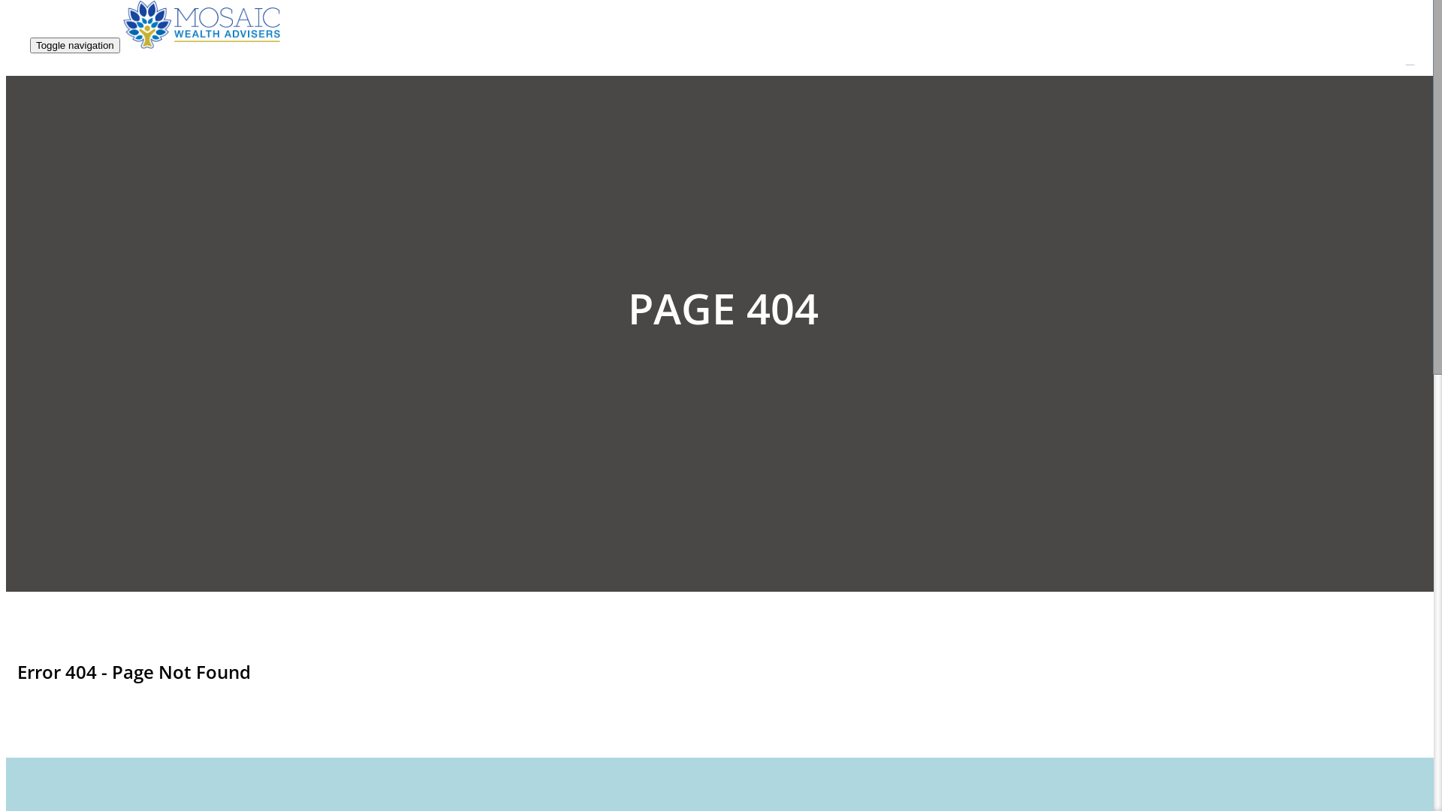  What do you see at coordinates (74, 44) in the screenshot?
I see `'Toggle navigation'` at bounding box center [74, 44].